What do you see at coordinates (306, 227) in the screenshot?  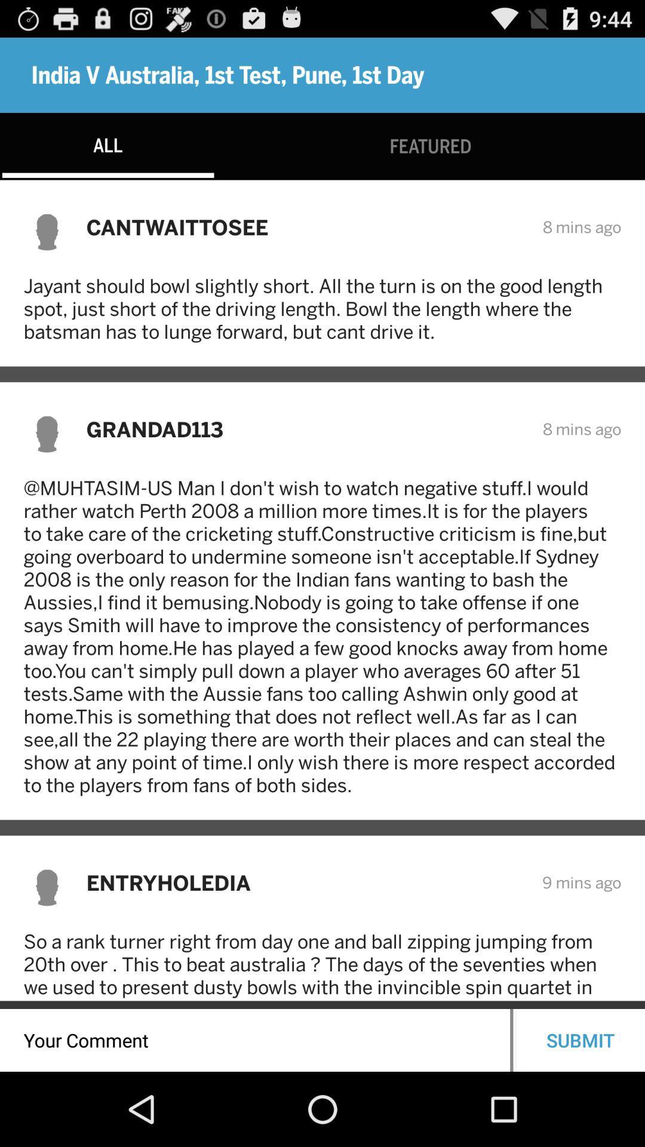 I see `the item to the left of 8 mins ago item` at bounding box center [306, 227].